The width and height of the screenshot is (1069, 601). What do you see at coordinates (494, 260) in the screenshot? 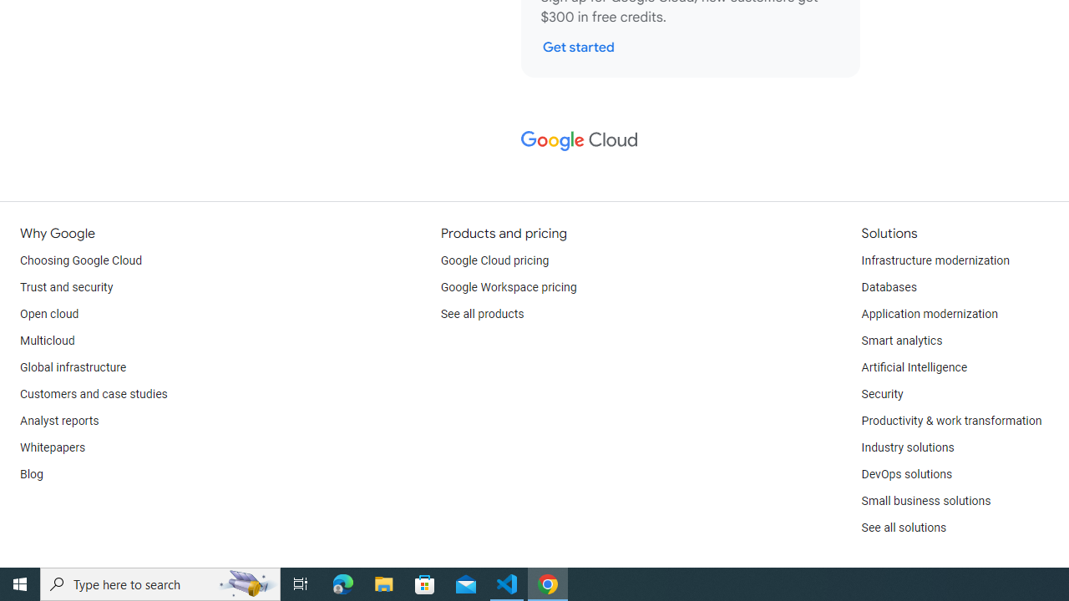
I see `'Google Cloud pricing'` at bounding box center [494, 260].